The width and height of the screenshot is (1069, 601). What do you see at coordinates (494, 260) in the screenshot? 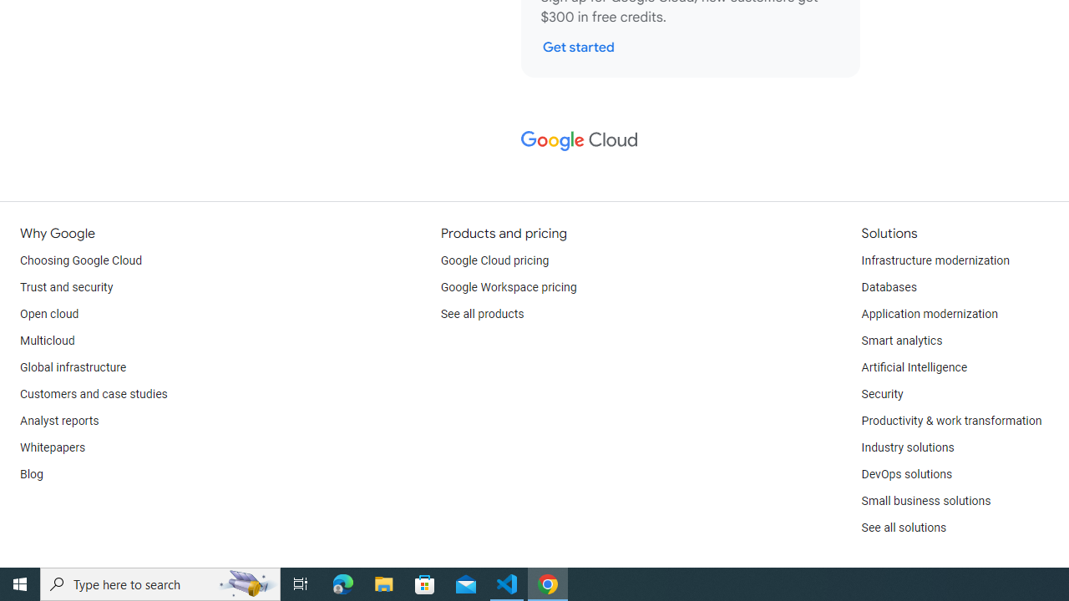
I see `'Google Cloud pricing'` at bounding box center [494, 260].